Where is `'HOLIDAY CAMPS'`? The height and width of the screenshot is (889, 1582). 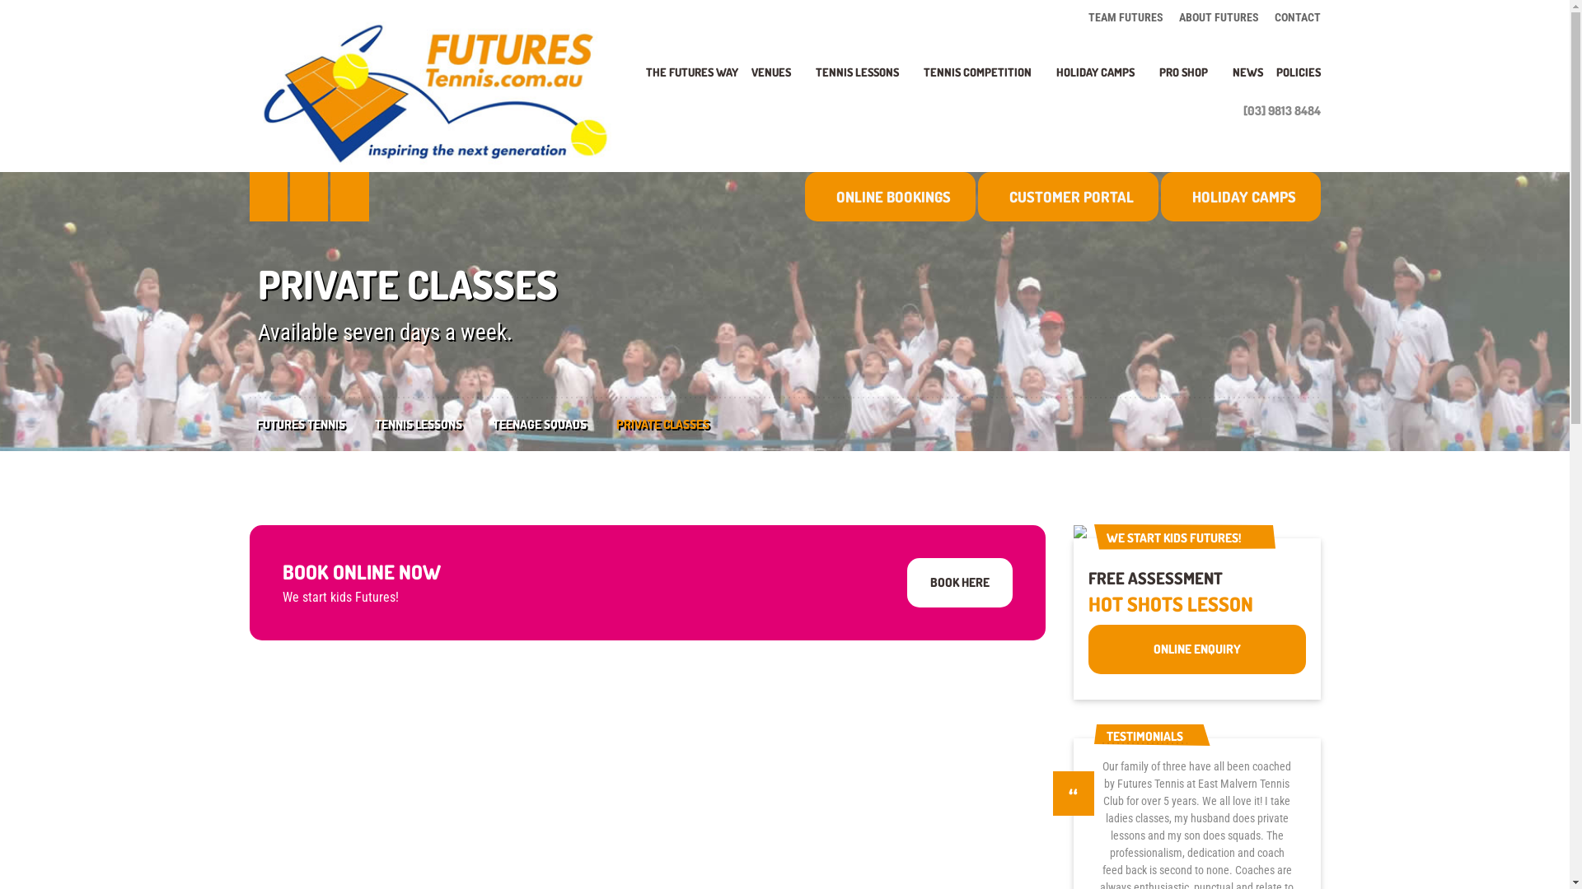 'HOLIDAY CAMPS' is located at coordinates (1101, 81).